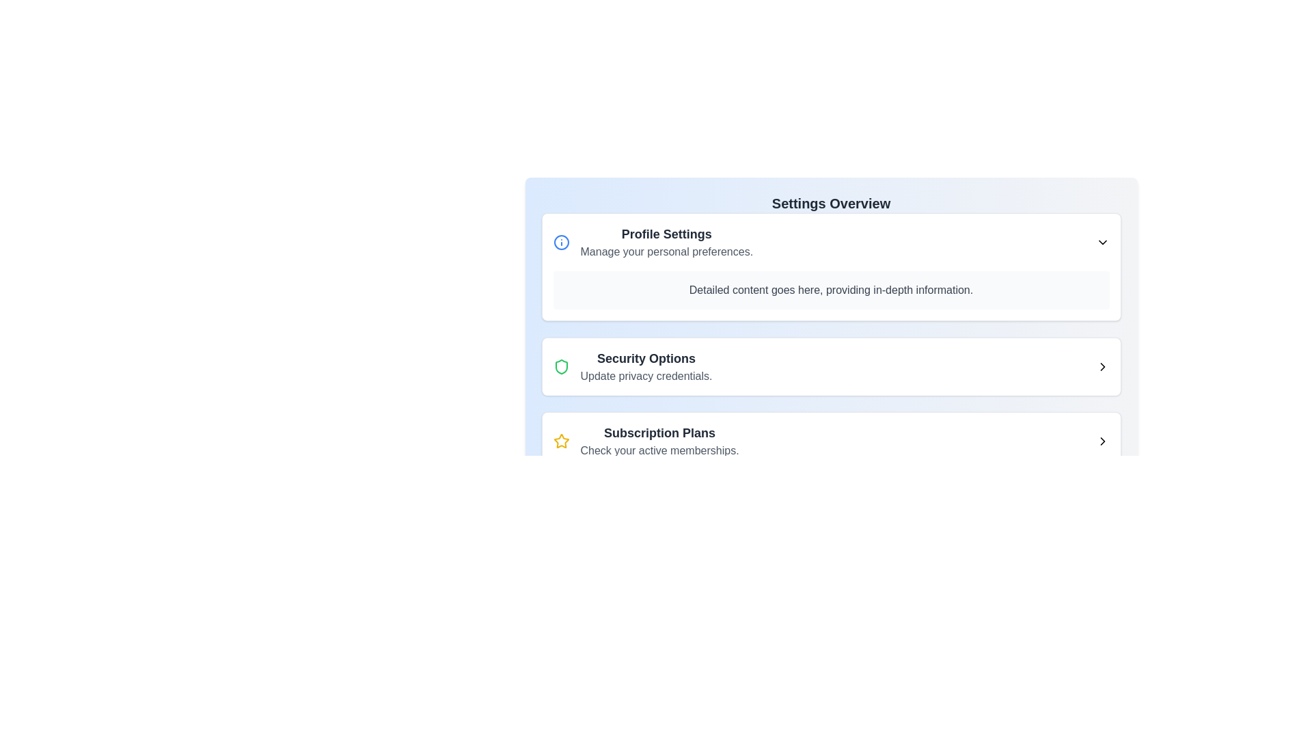  Describe the element at coordinates (1102, 441) in the screenshot. I see `the right-chevron icon` at that location.